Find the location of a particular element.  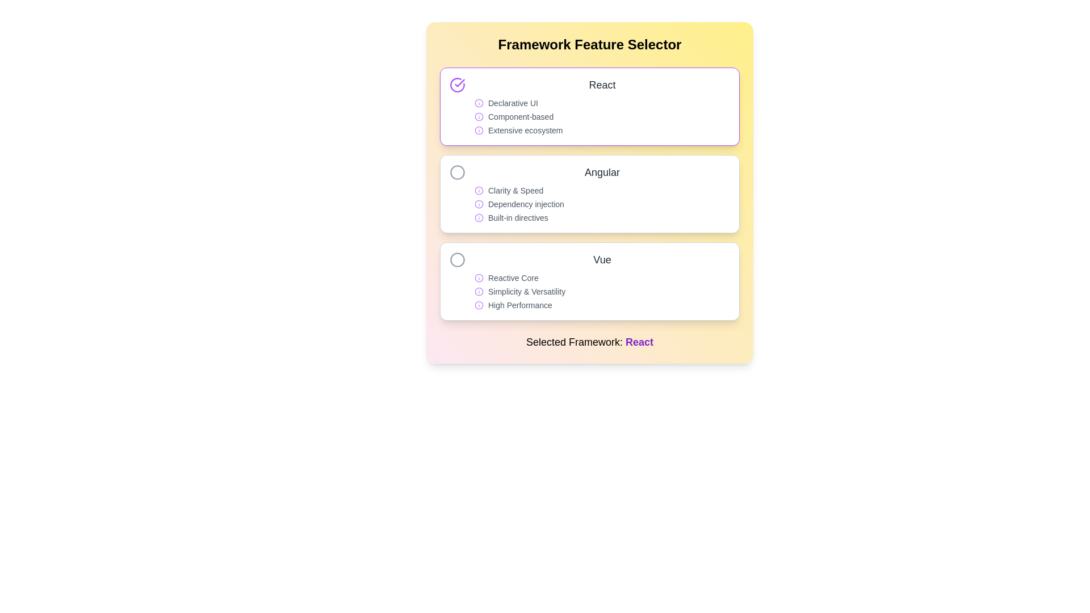

the text label that displays 'Selected Framework: React', which is located at the bottom of the selection interface and highlighted in purple is located at coordinates (589, 341).